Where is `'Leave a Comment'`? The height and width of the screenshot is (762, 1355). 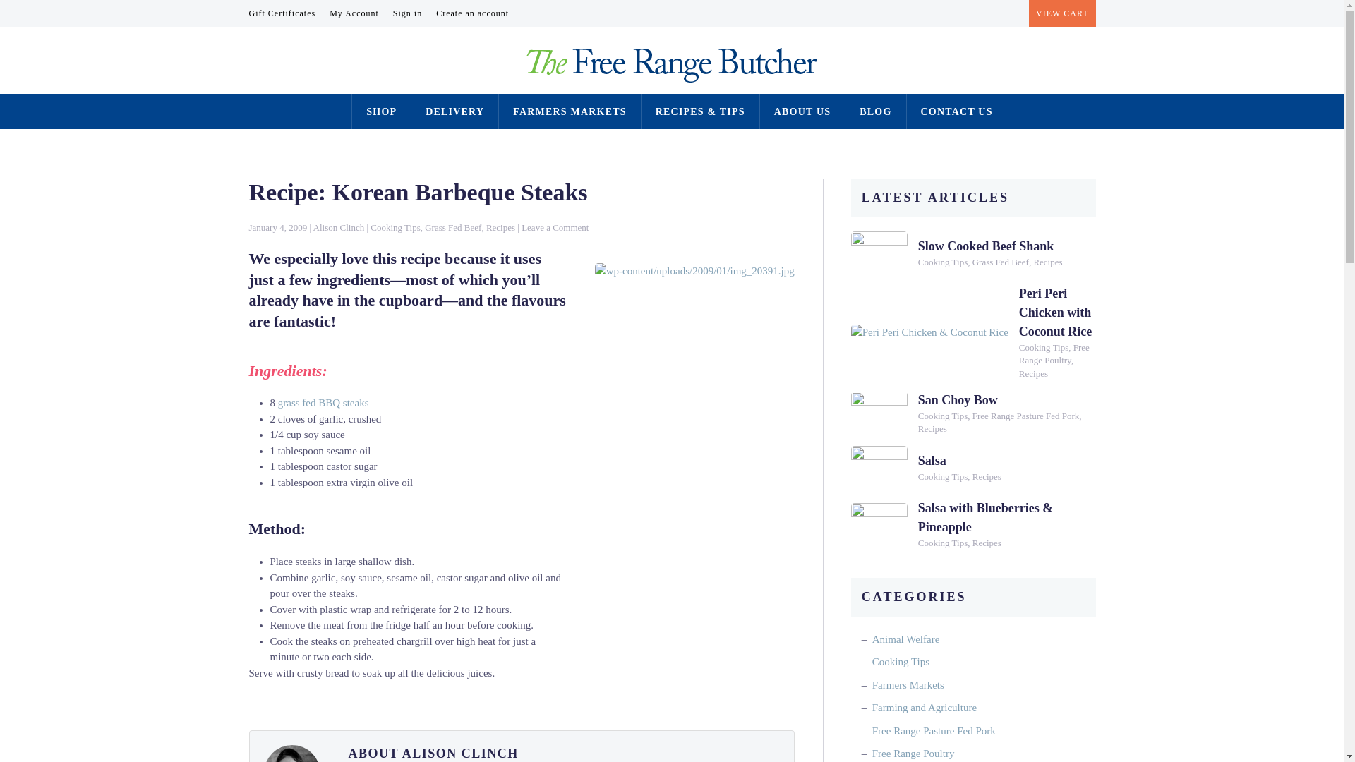
'Leave a Comment' is located at coordinates (521, 226).